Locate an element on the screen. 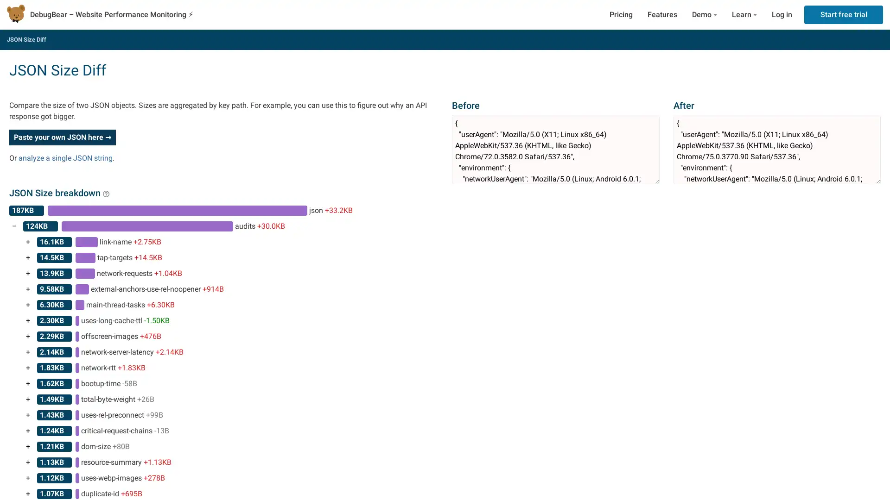 This screenshot has width=890, height=500. + is located at coordinates (28, 273).